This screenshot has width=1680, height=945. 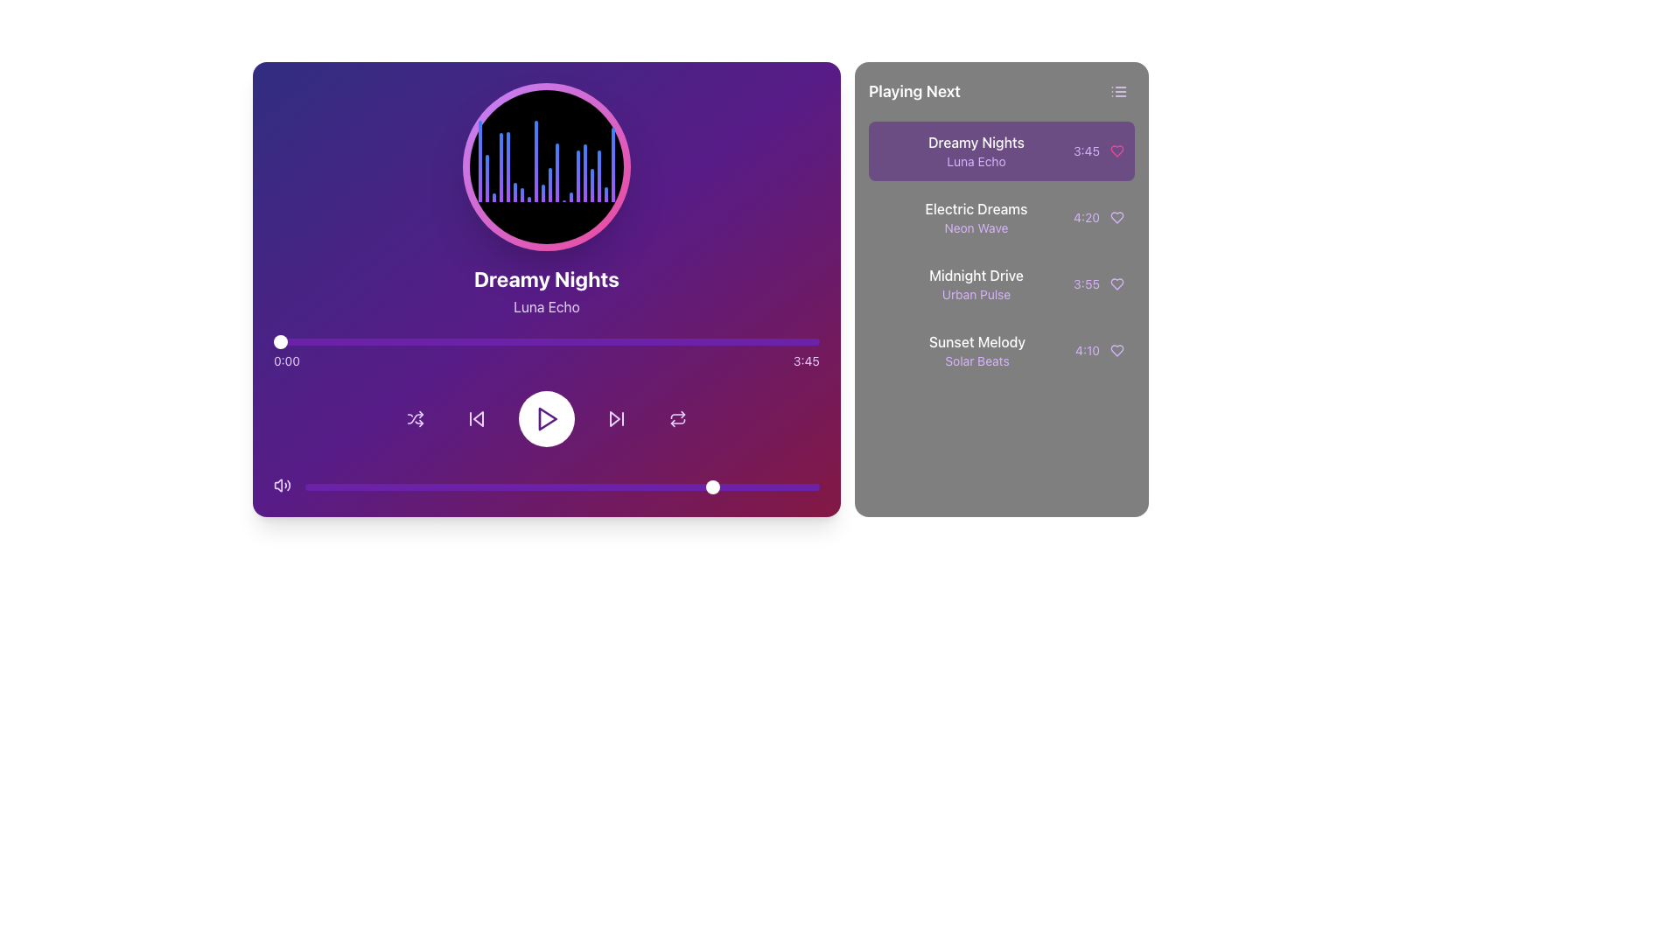 What do you see at coordinates (1087, 351) in the screenshot?
I see `the Text Display showing '4:10' with a purple tint, located in the bottom entry for 'Sunset Melody' in the 'Playing Next' section` at bounding box center [1087, 351].